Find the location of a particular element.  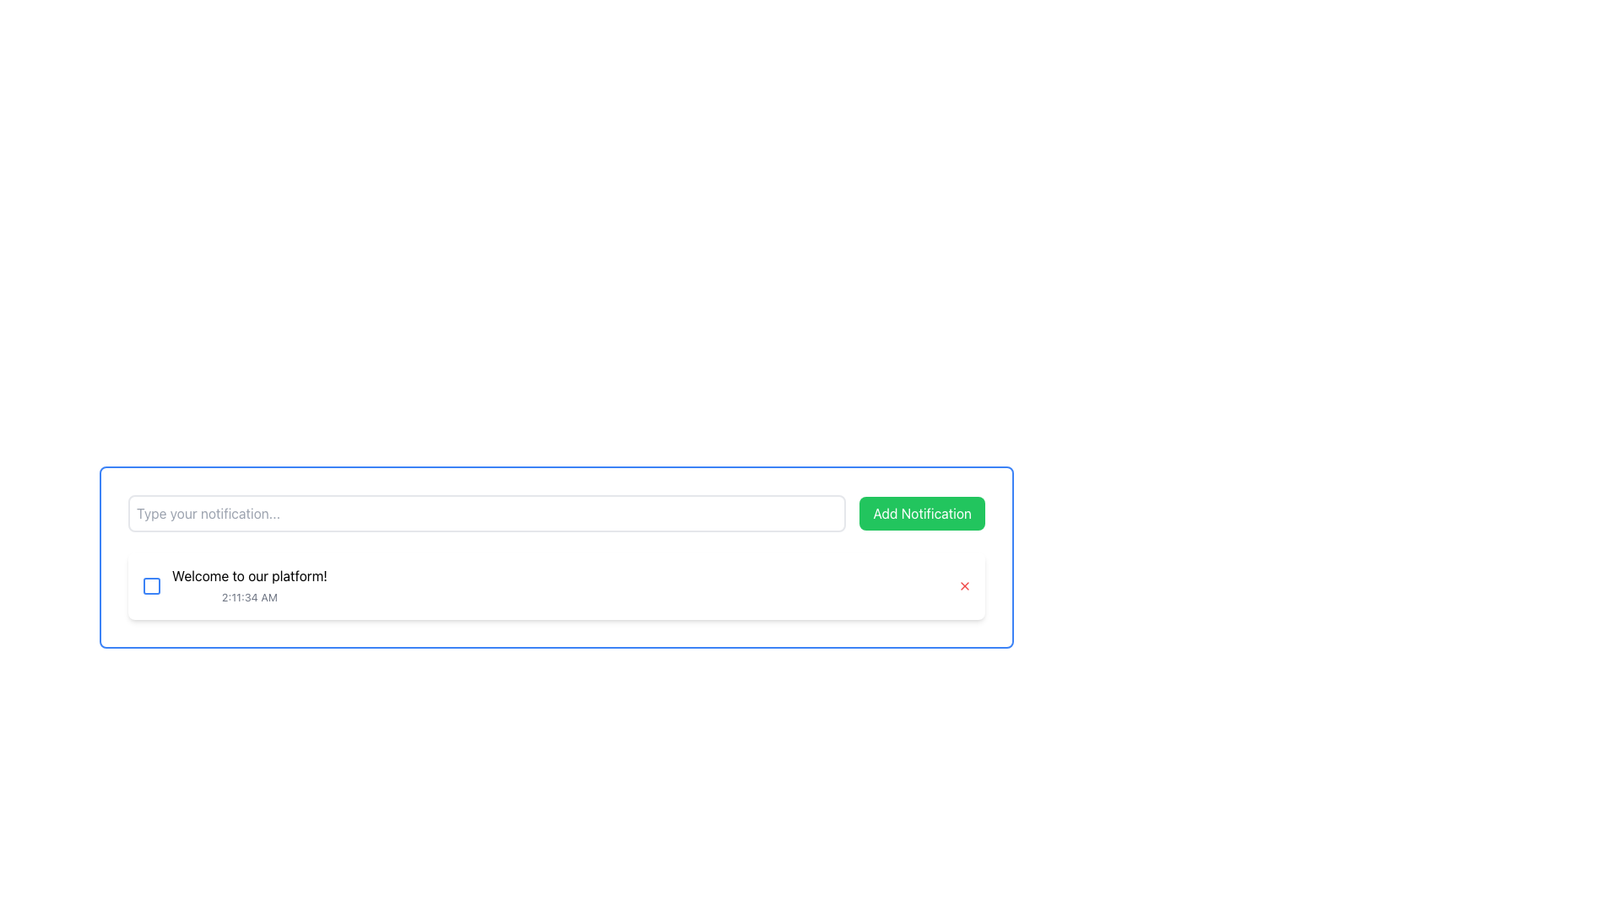

the small red cross icon at the extreme right of the notification bar is located at coordinates (964, 585).